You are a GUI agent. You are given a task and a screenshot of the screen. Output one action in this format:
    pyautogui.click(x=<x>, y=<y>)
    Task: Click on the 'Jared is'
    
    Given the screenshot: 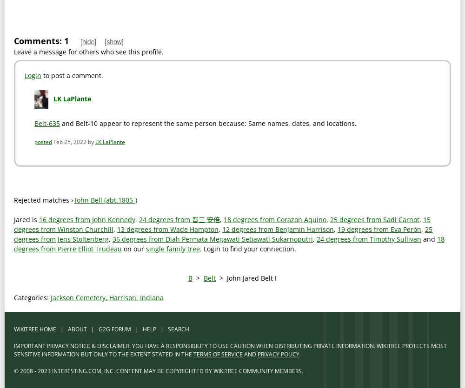 What is the action you would take?
    pyautogui.click(x=14, y=219)
    